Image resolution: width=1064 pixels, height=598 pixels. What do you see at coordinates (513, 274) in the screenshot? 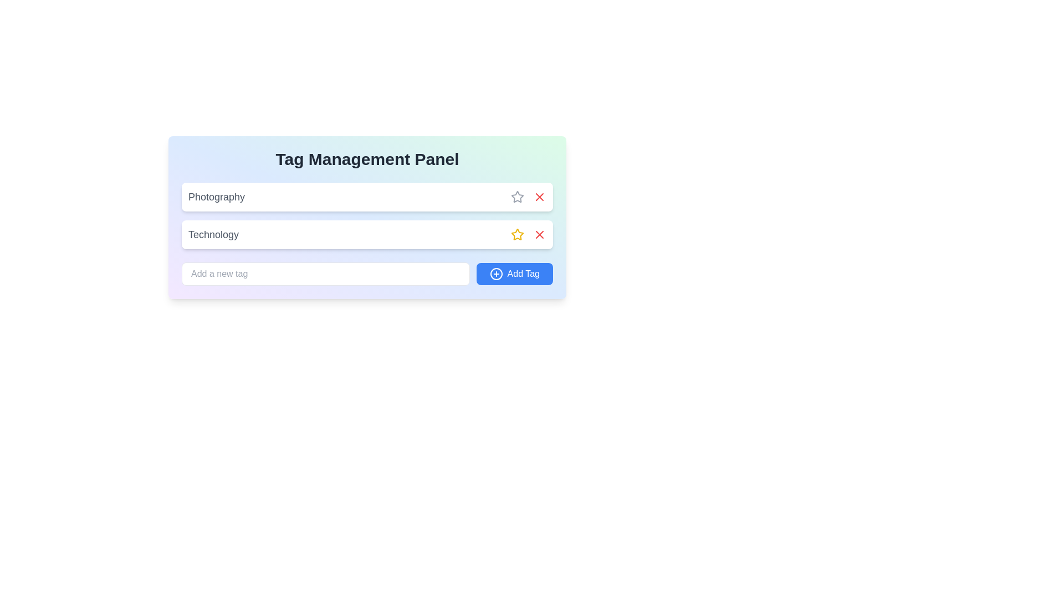
I see `the 'Add Tag' button, which is a rectangular blue button with rounded corners located at the bottom-right of the 'Tag Management Panel'` at bounding box center [513, 274].